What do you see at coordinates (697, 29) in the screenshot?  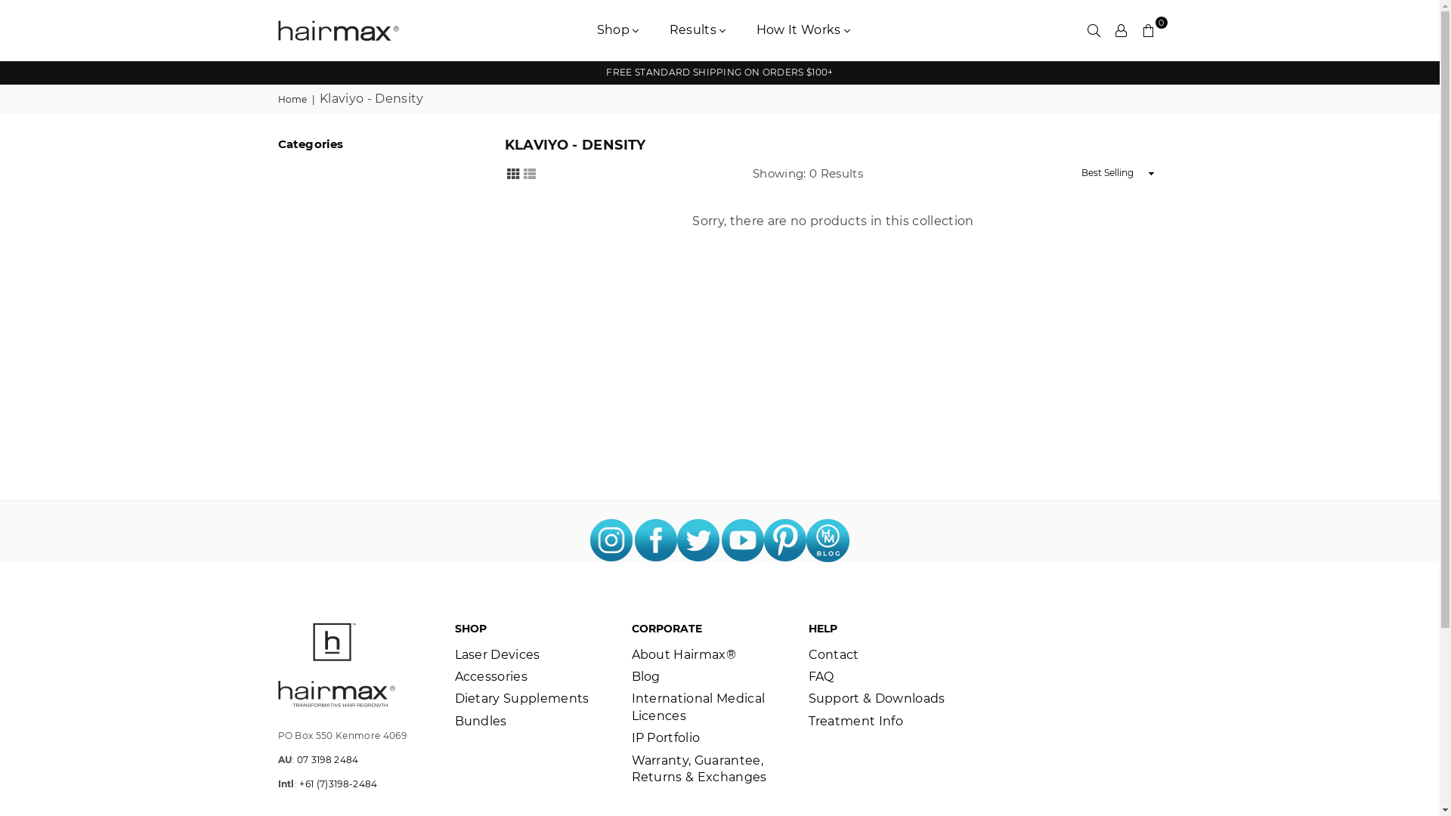 I see `'Results'` at bounding box center [697, 29].